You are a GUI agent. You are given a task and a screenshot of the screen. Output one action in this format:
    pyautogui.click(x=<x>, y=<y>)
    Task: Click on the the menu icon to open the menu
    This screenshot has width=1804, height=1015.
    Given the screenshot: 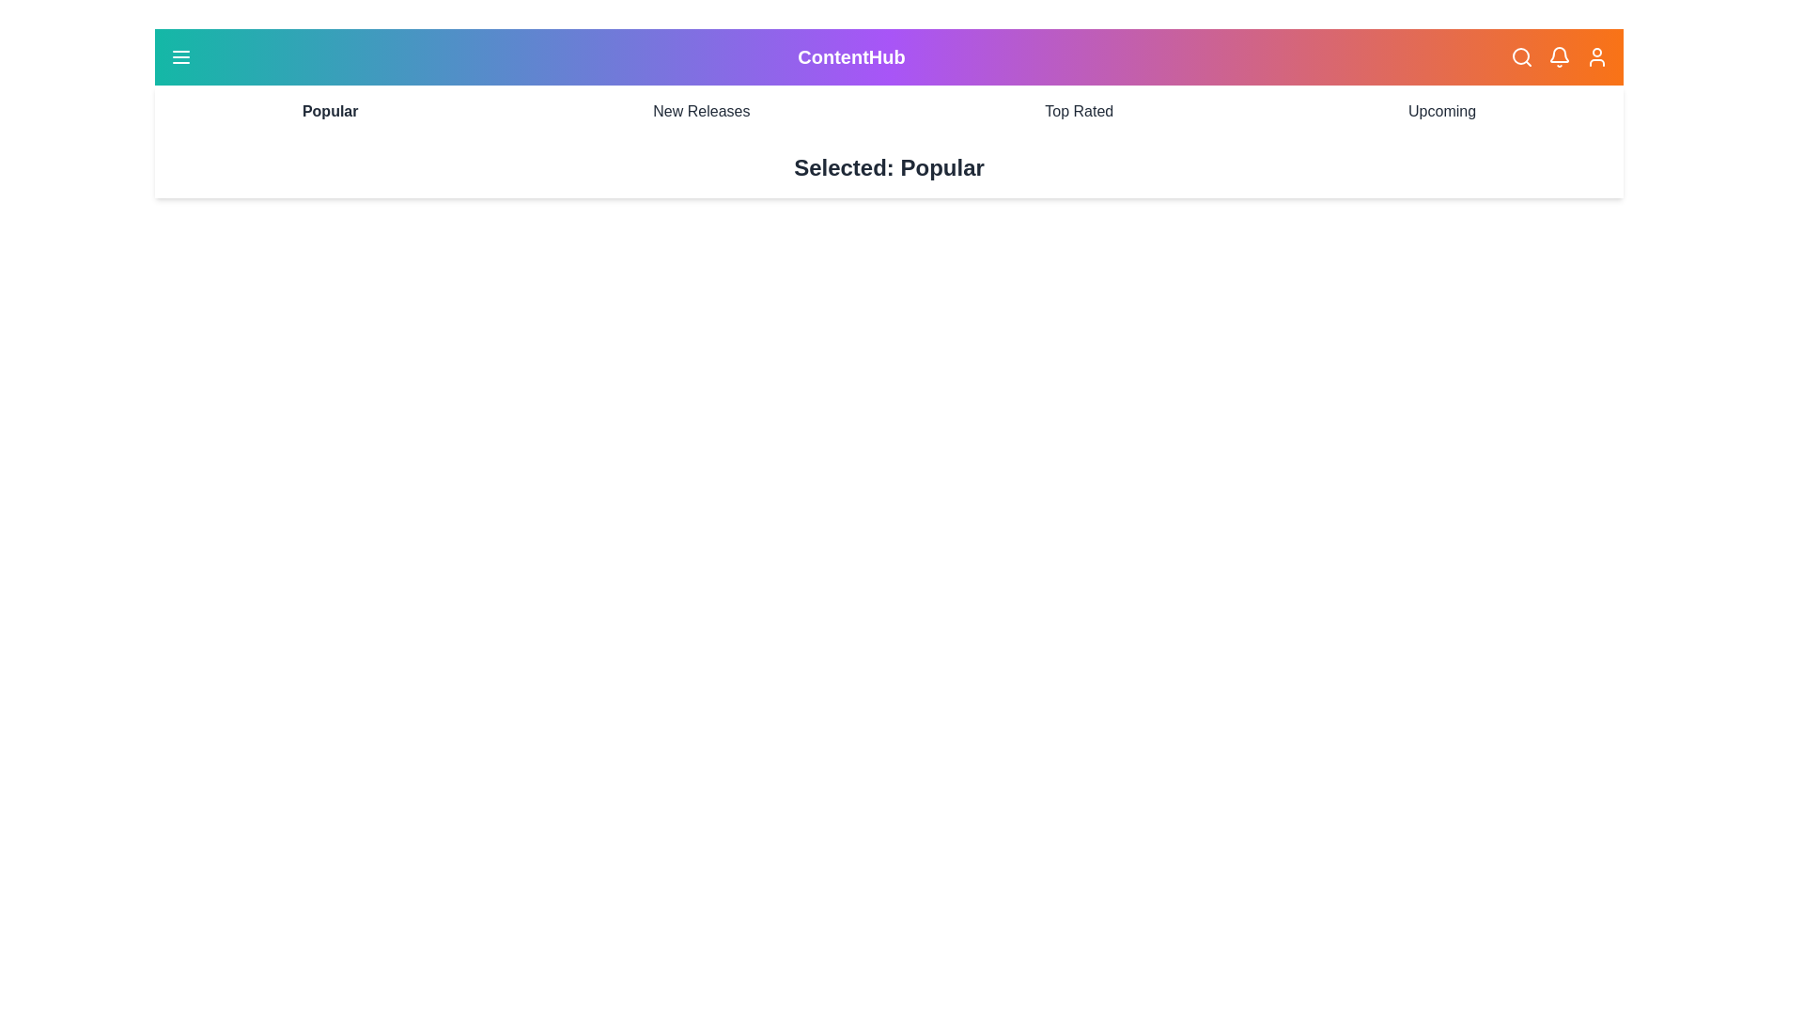 What is the action you would take?
    pyautogui.click(x=180, y=56)
    